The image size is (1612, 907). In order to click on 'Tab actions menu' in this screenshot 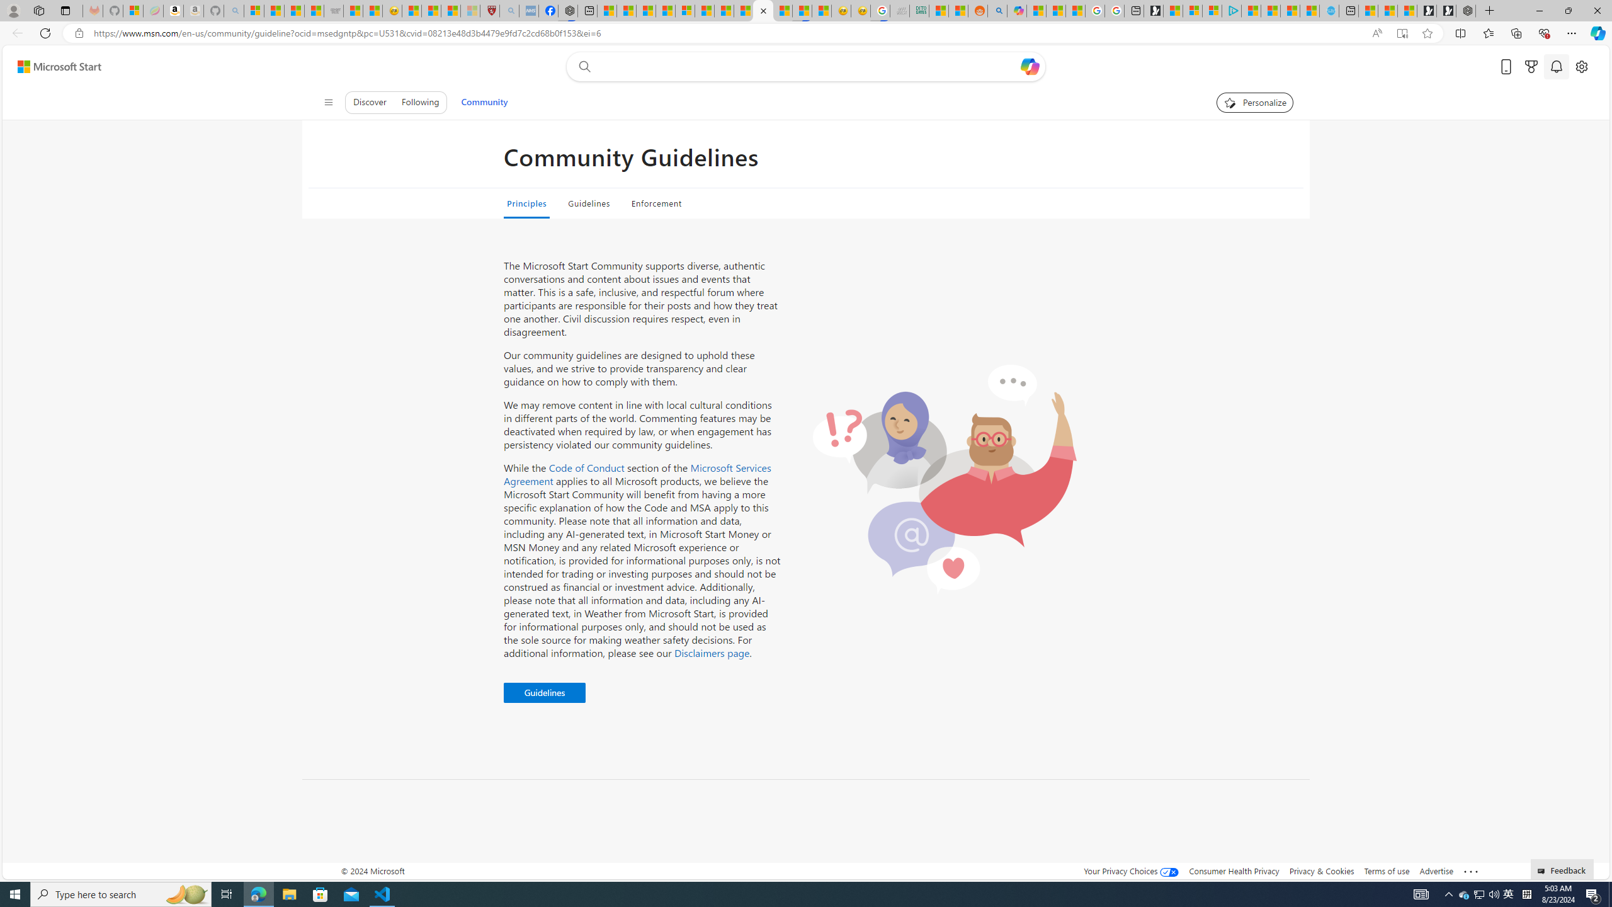, I will do `click(64, 10)`.